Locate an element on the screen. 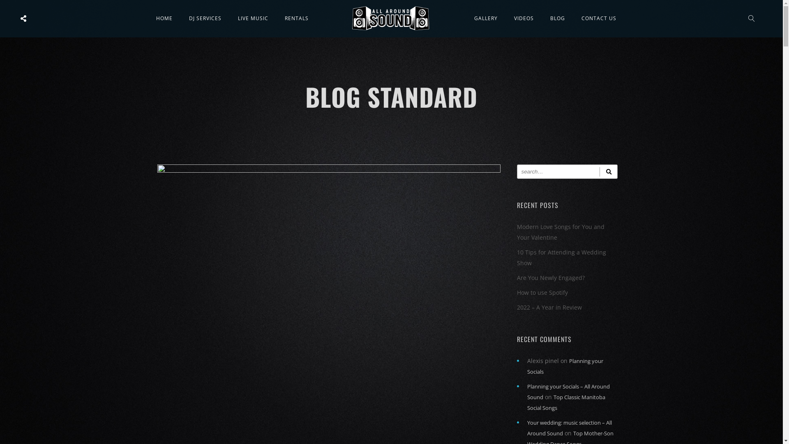 The height and width of the screenshot is (444, 789). 'VIDEOS' is located at coordinates (524, 18).